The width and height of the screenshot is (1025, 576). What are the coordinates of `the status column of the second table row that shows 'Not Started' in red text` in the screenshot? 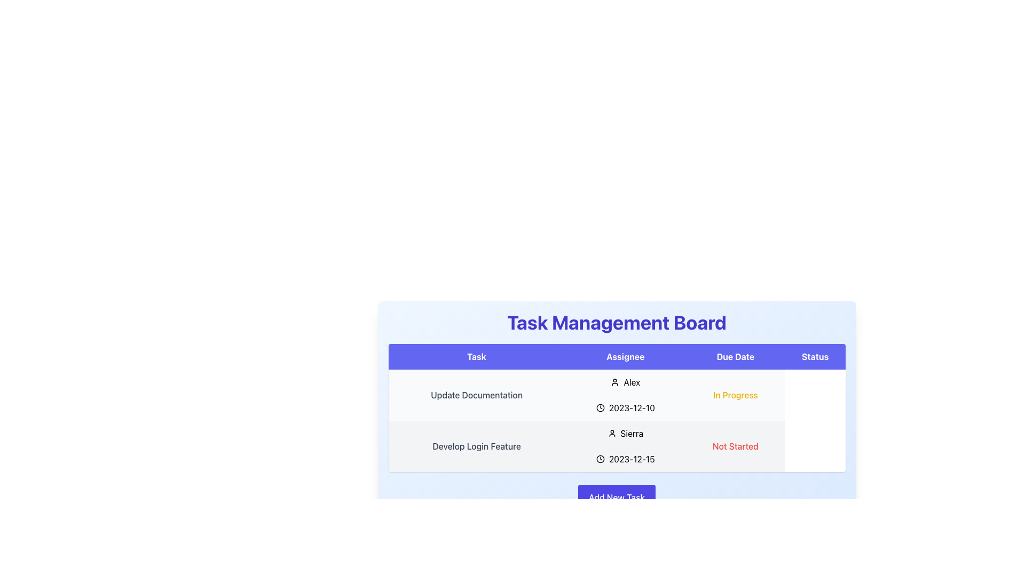 It's located at (617, 446).